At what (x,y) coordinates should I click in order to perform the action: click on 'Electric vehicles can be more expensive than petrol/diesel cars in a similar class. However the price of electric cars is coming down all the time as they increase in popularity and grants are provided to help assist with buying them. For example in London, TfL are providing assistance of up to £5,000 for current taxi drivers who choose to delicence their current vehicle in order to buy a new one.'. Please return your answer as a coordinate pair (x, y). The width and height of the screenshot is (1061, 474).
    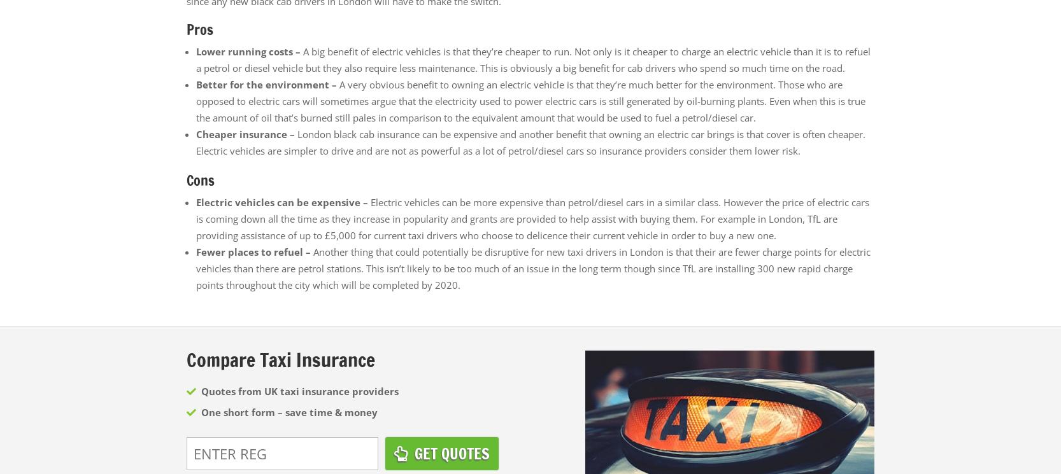
    Looking at the image, I should click on (532, 218).